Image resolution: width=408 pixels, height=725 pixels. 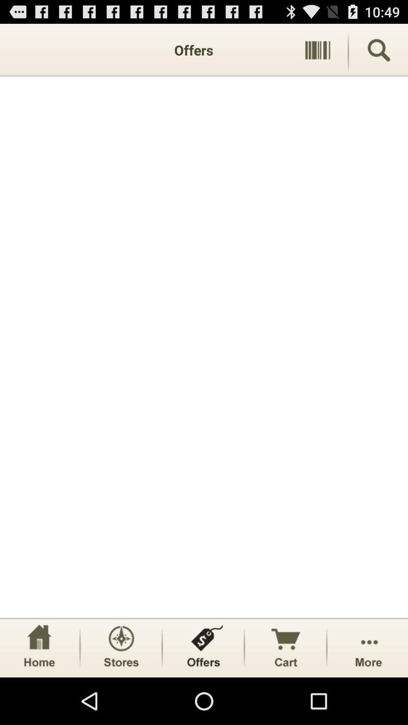 What do you see at coordinates (203, 693) in the screenshot?
I see `the label icon` at bounding box center [203, 693].